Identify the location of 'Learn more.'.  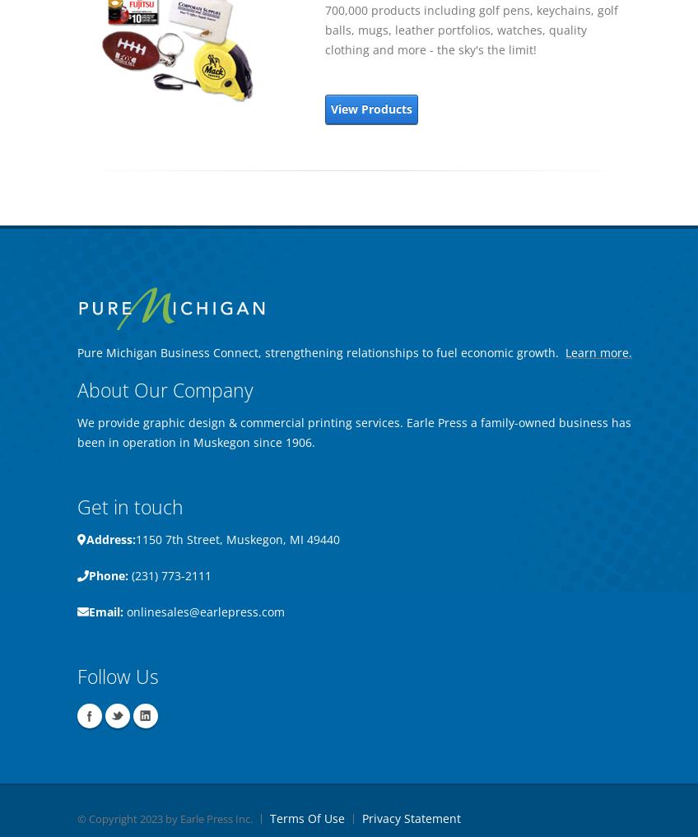
(598, 352).